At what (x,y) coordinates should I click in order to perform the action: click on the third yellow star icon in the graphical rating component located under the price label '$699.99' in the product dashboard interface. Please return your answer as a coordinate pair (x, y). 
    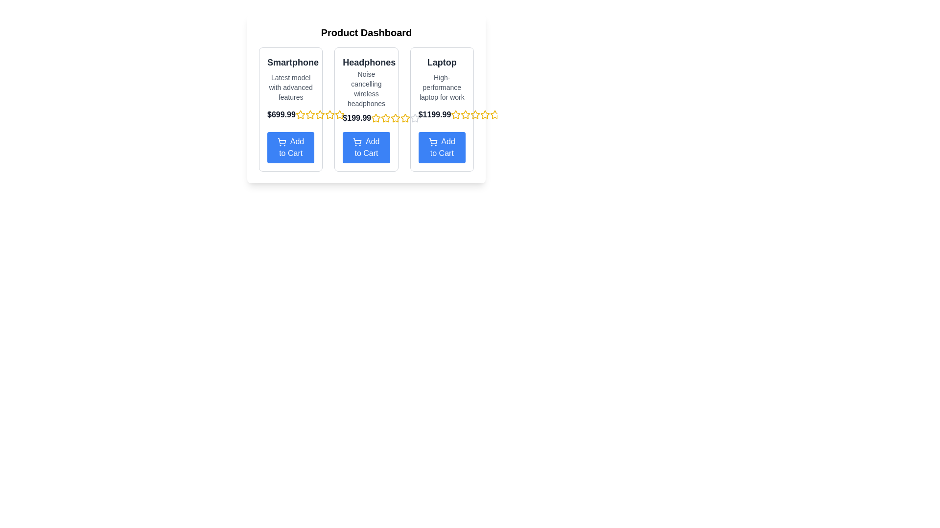
    Looking at the image, I should click on (320, 114).